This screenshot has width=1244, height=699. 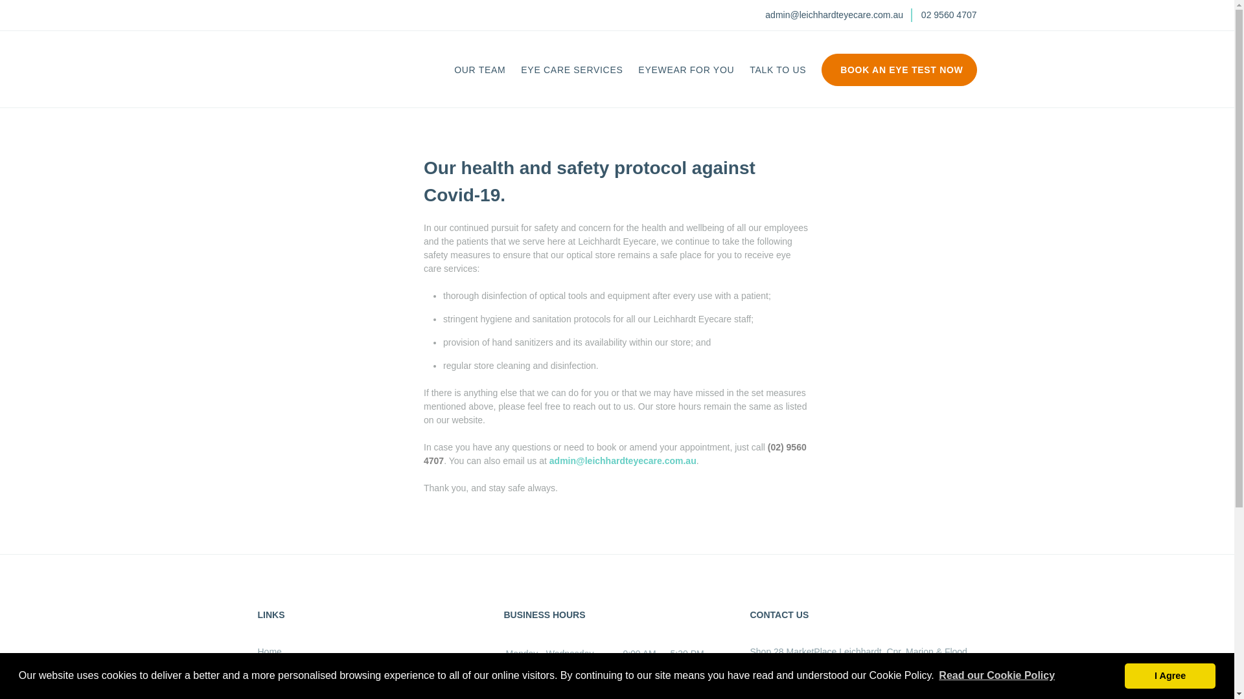 What do you see at coordinates (777, 70) in the screenshot?
I see `'TALK TO US'` at bounding box center [777, 70].